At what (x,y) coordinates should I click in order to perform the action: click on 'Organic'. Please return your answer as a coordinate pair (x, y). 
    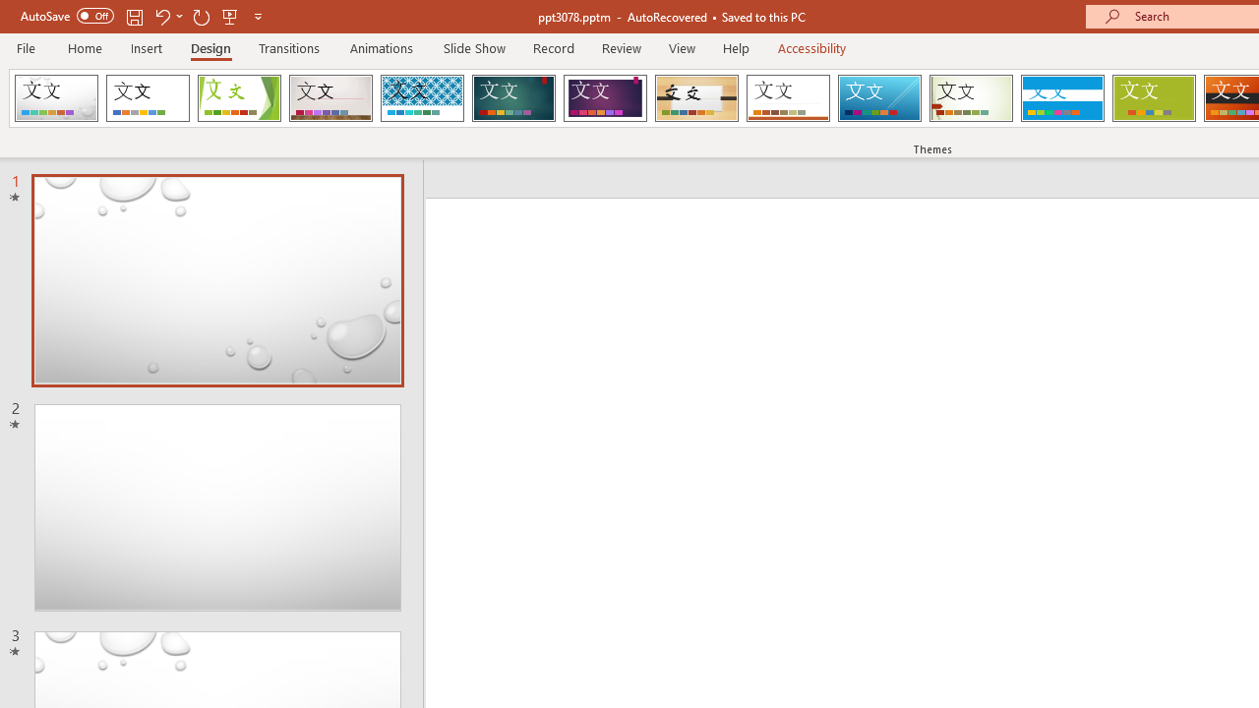
    Looking at the image, I should click on (696, 98).